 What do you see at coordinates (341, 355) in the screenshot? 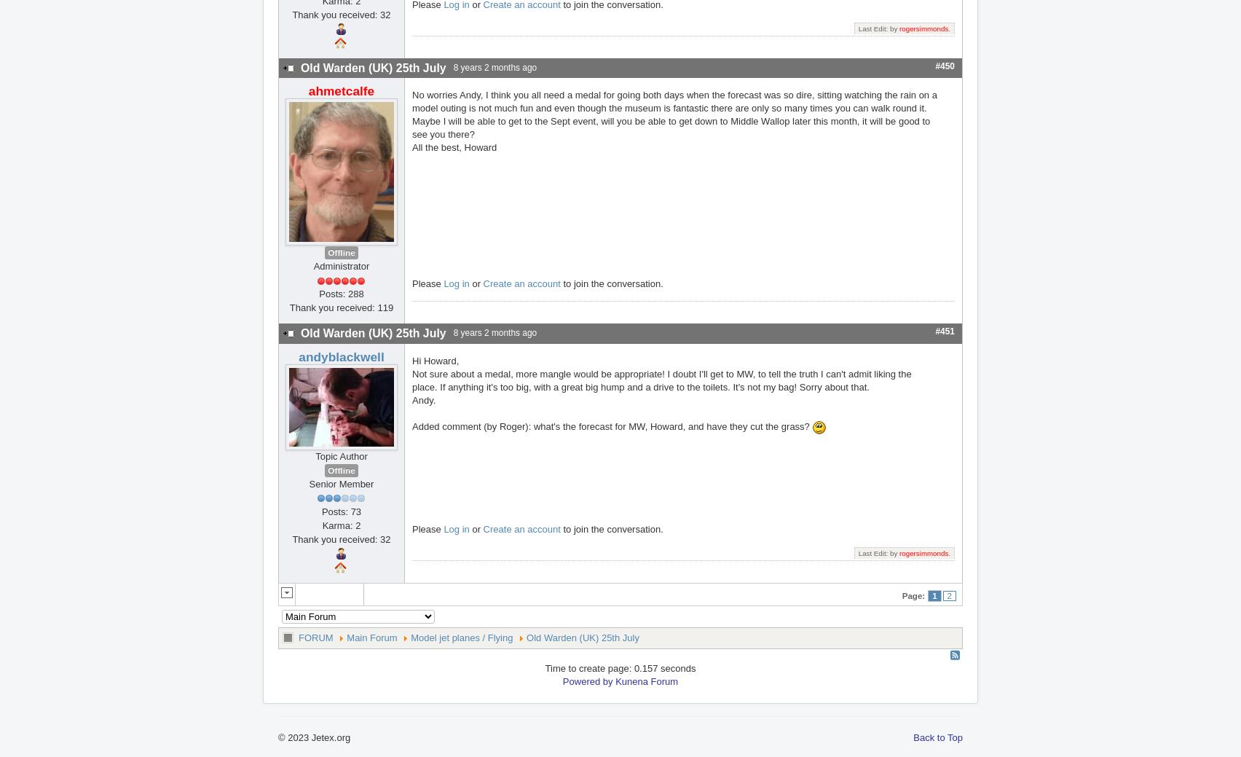
I see `'andyblackwell'` at bounding box center [341, 355].